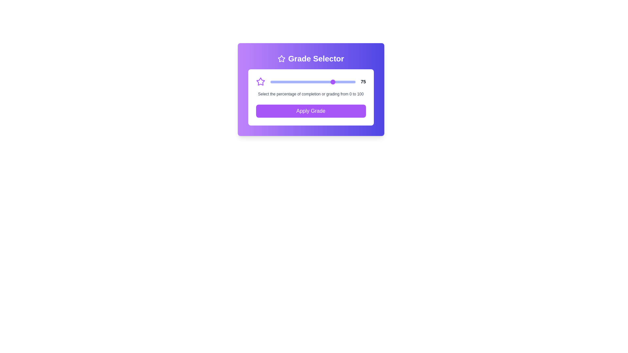  What do you see at coordinates (343, 81) in the screenshot?
I see `the slider's value` at bounding box center [343, 81].